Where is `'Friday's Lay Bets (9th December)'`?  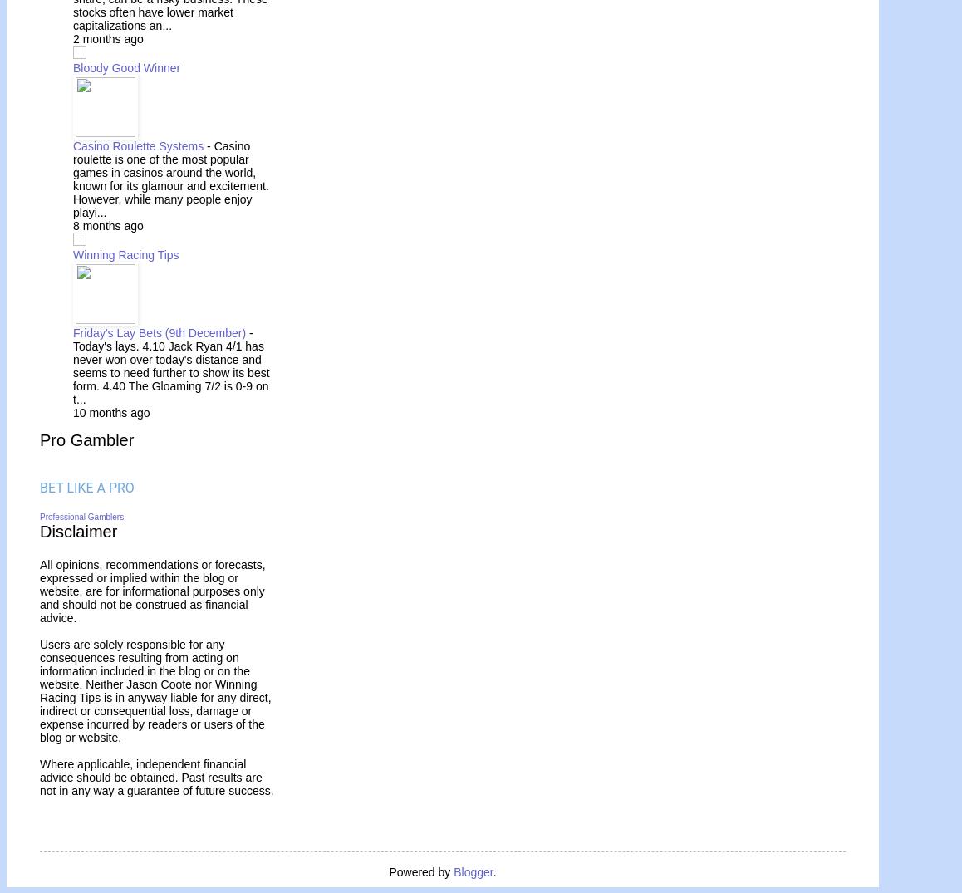
'Friday's Lay Bets (9th December)' is located at coordinates (160, 331).